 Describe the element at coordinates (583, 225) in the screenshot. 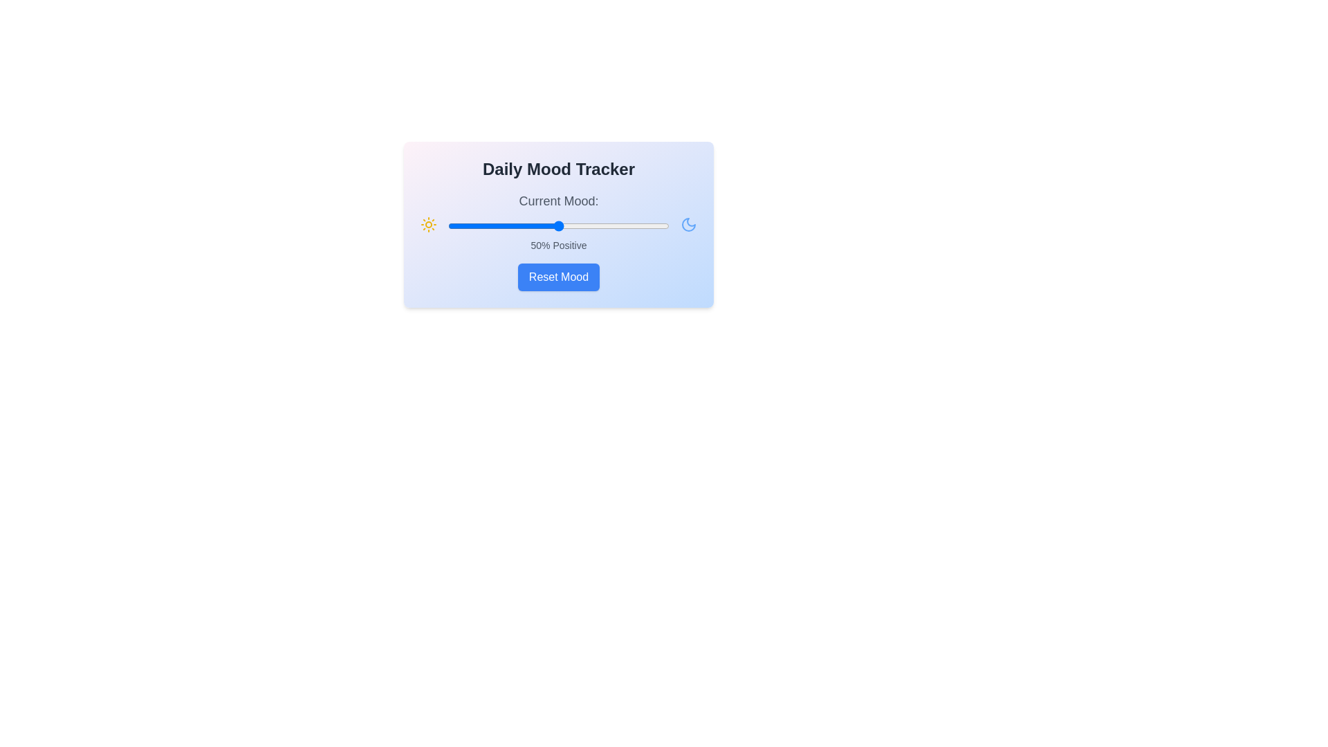

I see `the mood percentage` at that location.